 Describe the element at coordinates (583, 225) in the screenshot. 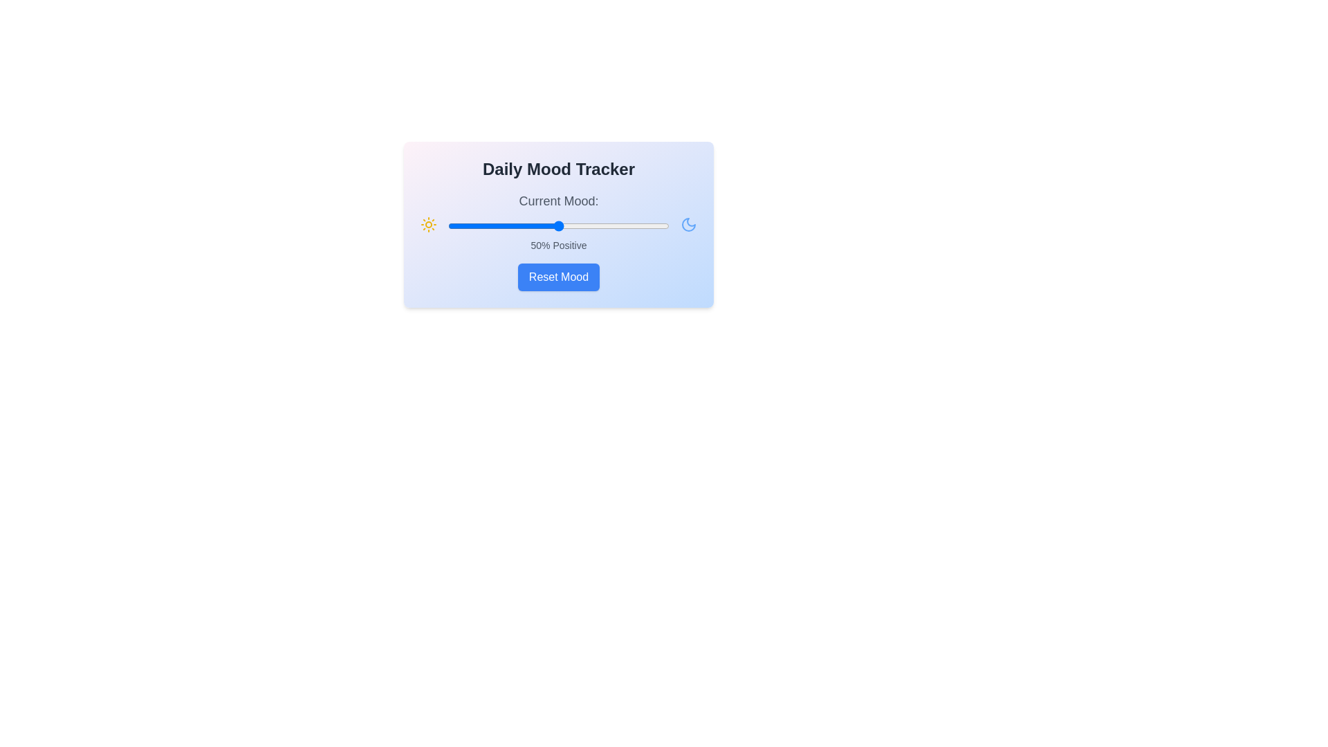

I see `the mood percentage` at that location.